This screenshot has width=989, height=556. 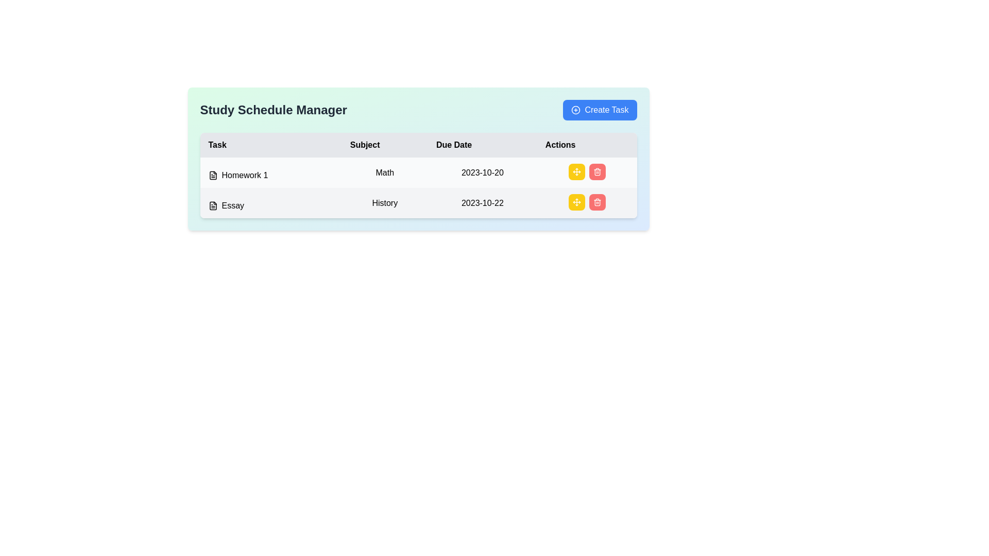 I want to click on the first row of the data table that displays task details for contextual interaction, so click(x=418, y=172).